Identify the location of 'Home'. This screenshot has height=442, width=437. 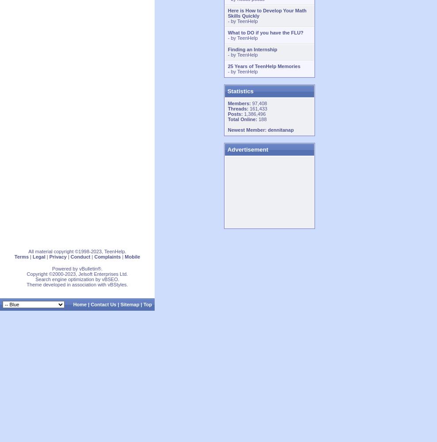
(80, 304).